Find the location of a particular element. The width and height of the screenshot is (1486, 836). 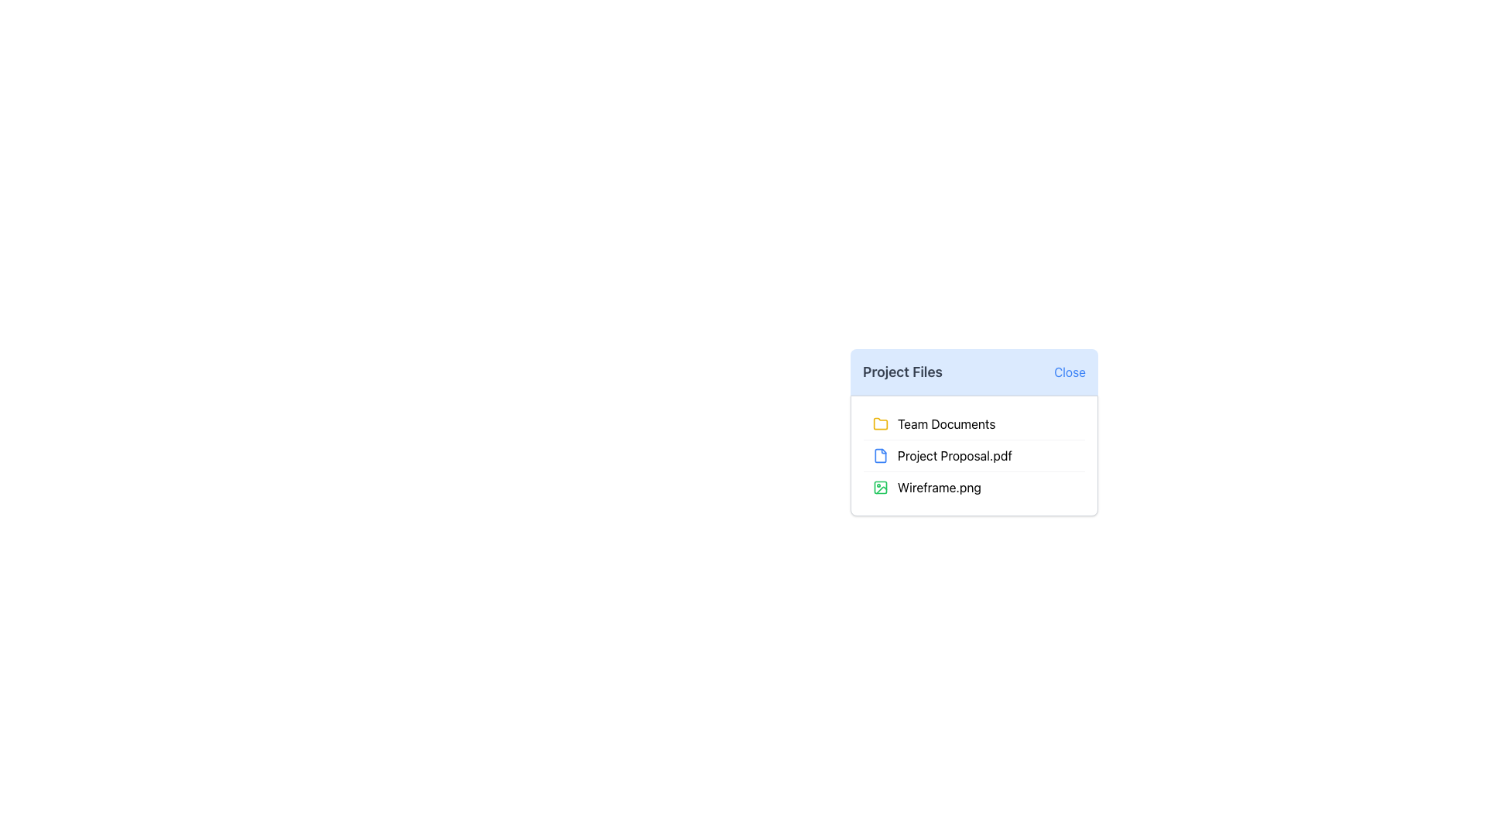

the PDF file icon located to the left of 'Project Proposal.pdf' in the second row under the 'Project Files' section is located at coordinates (880, 455).